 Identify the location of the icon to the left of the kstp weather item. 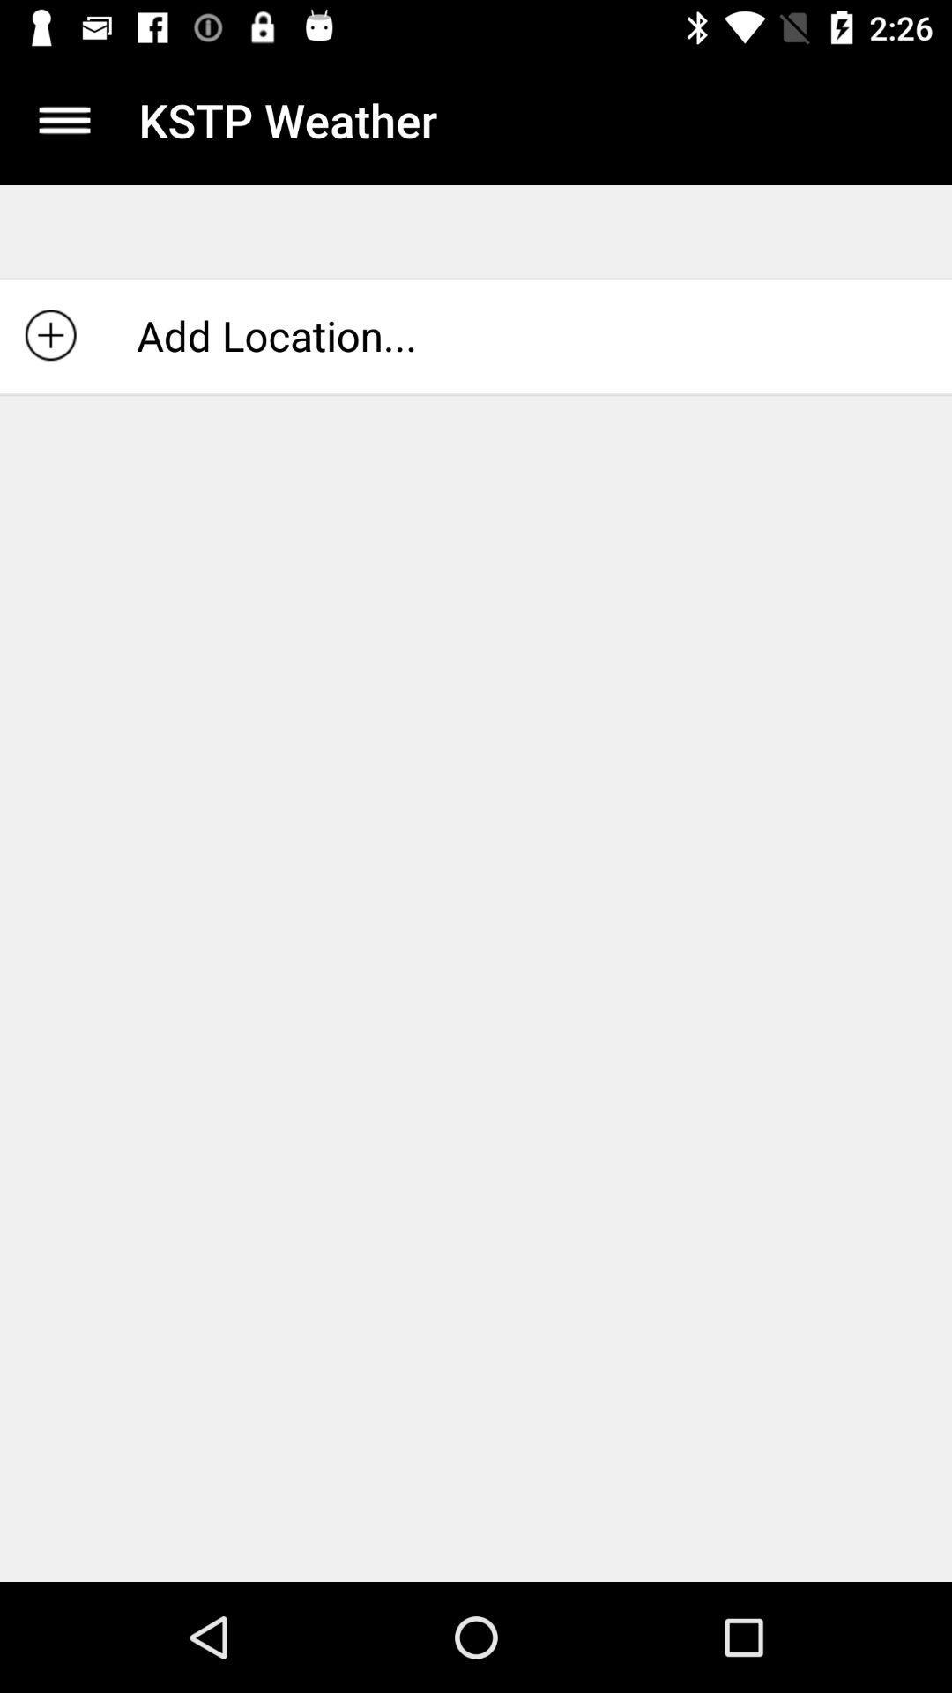
(63, 119).